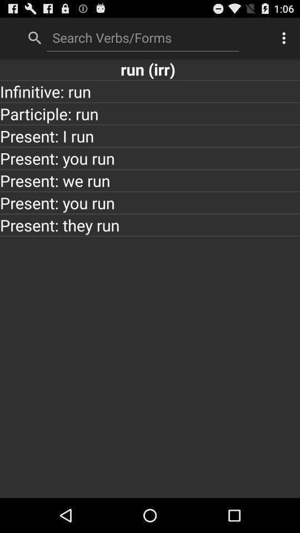 Image resolution: width=300 pixels, height=533 pixels. Describe the element at coordinates (285, 38) in the screenshot. I see `the icon above run (irr)  app` at that location.